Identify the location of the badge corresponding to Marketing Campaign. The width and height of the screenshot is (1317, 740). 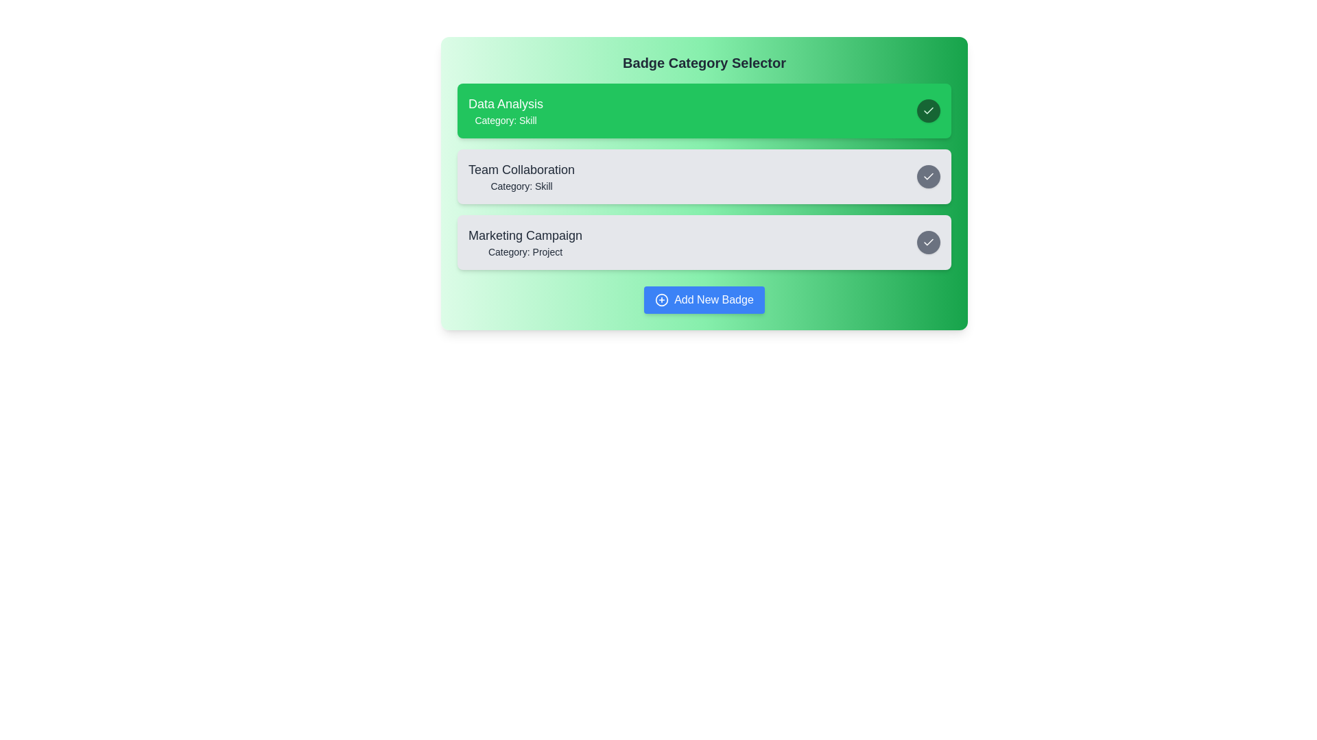
(704, 242).